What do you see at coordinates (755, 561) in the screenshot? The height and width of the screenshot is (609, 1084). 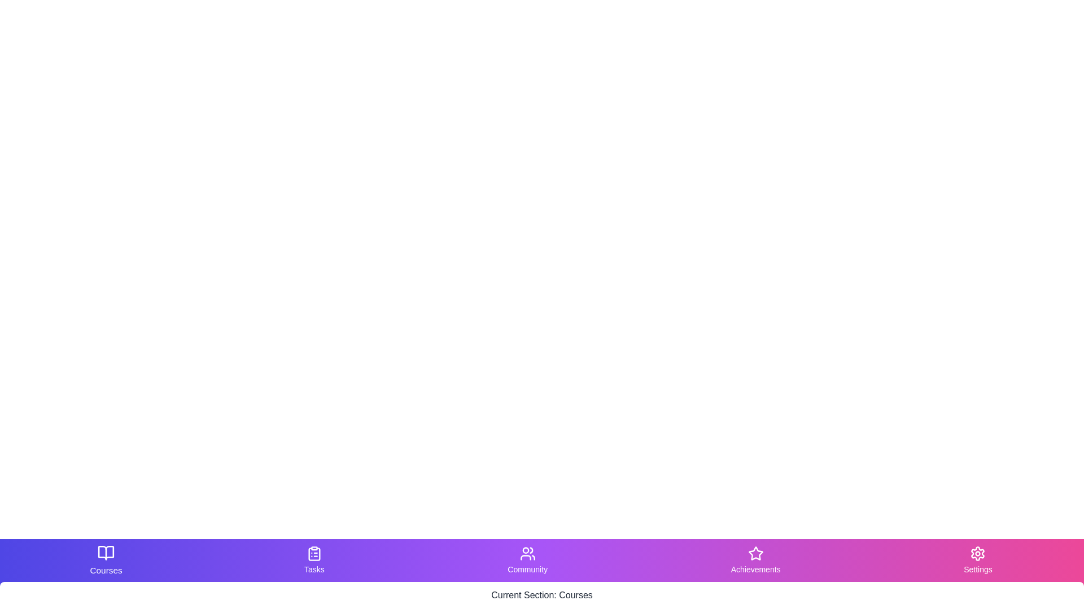 I see `the Achievements tab` at bounding box center [755, 561].